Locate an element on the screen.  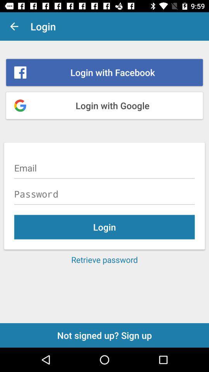
type your password is located at coordinates (104, 193).